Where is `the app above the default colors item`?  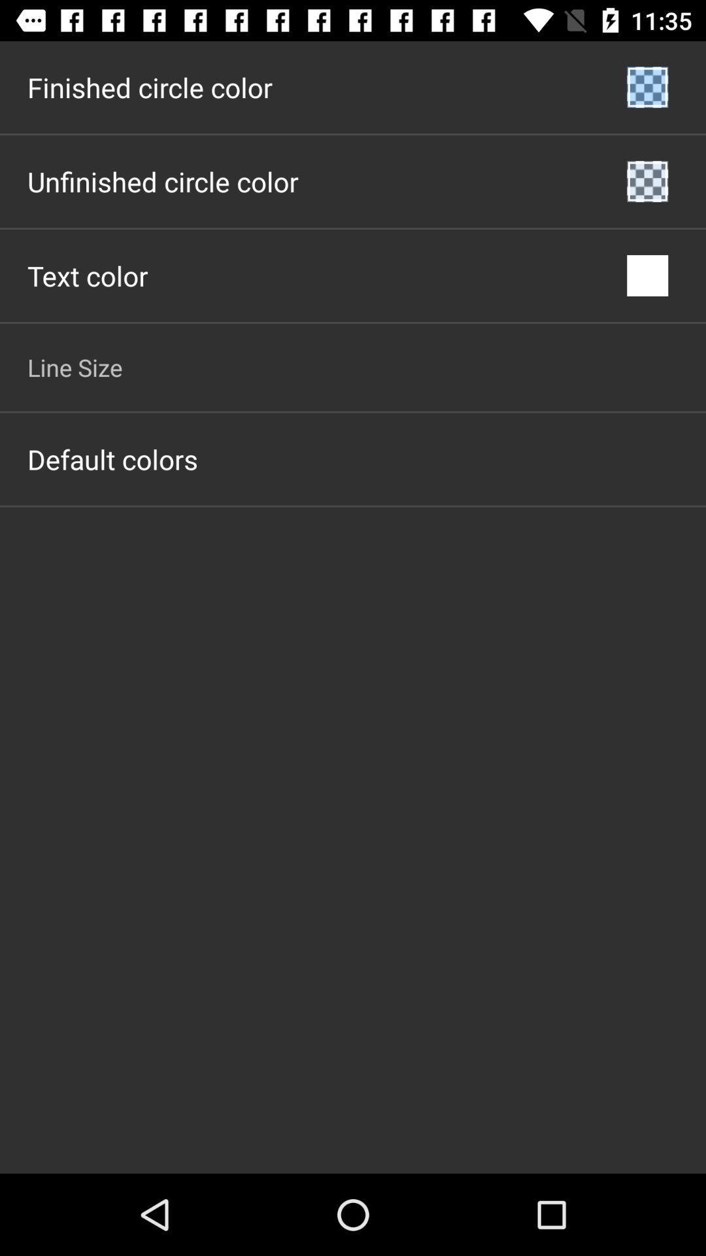 the app above the default colors item is located at coordinates (75, 366).